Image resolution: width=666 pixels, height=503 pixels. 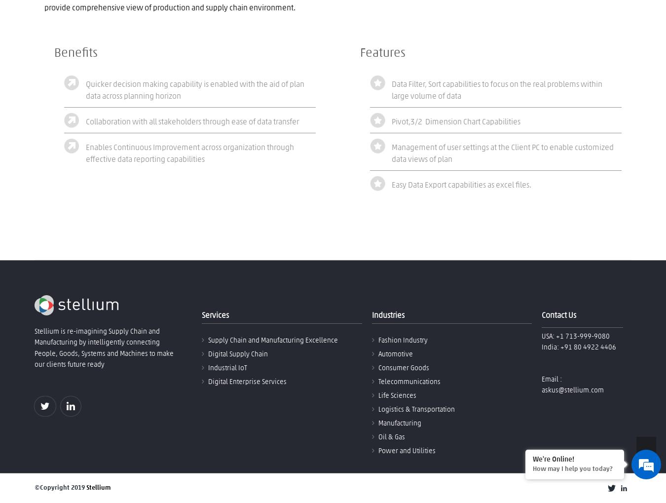 I want to click on 'Digital Enterprise Services', so click(x=247, y=381).